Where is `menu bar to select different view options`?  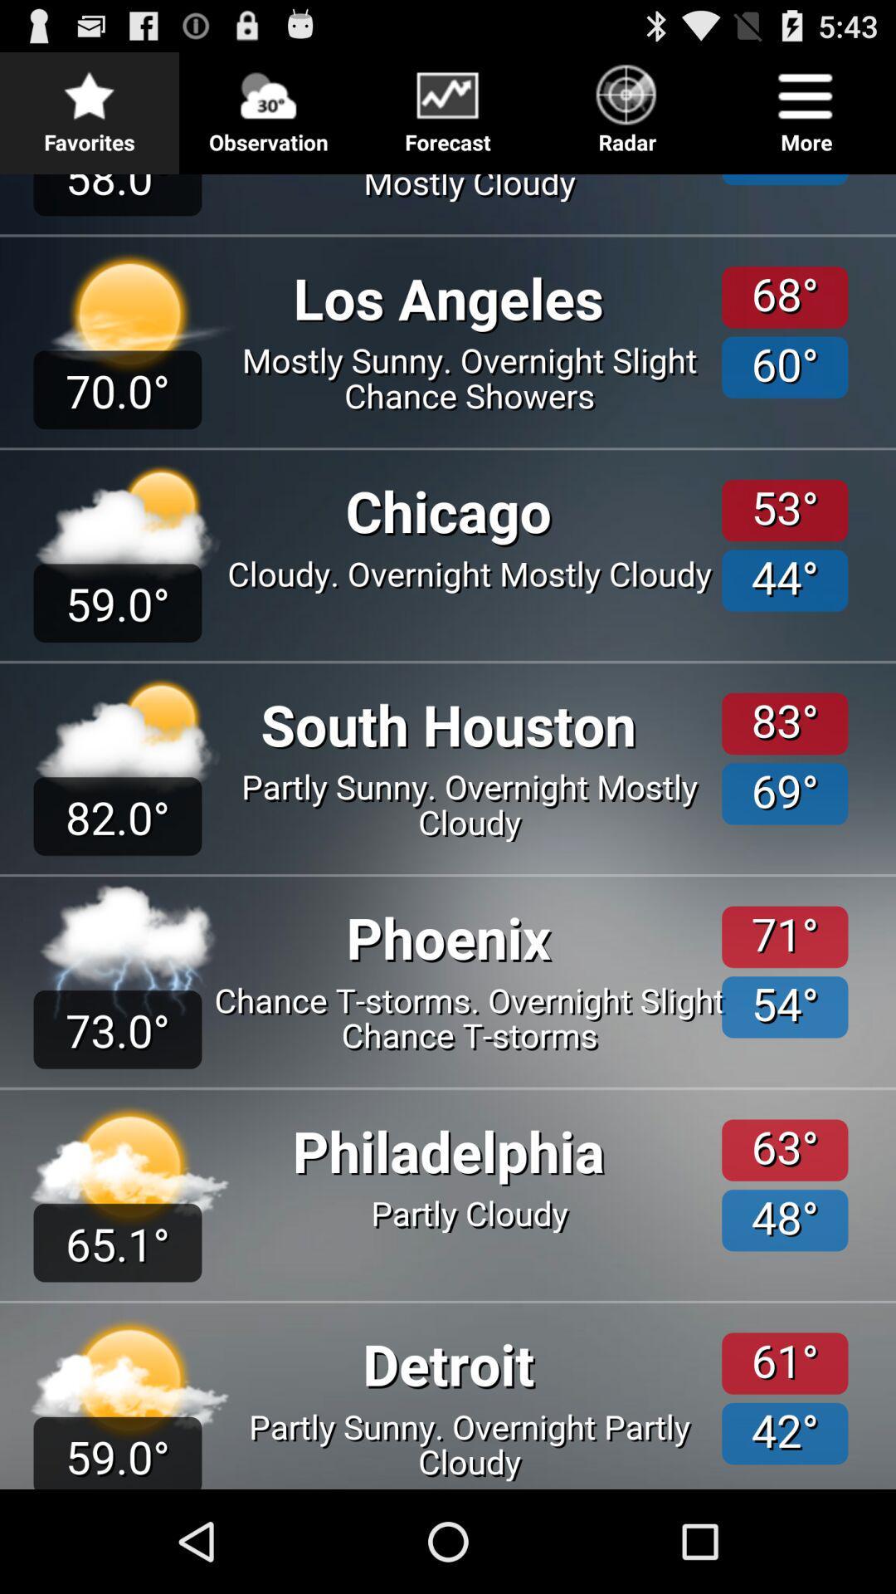
menu bar to select different view options is located at coordinates (448, 105).